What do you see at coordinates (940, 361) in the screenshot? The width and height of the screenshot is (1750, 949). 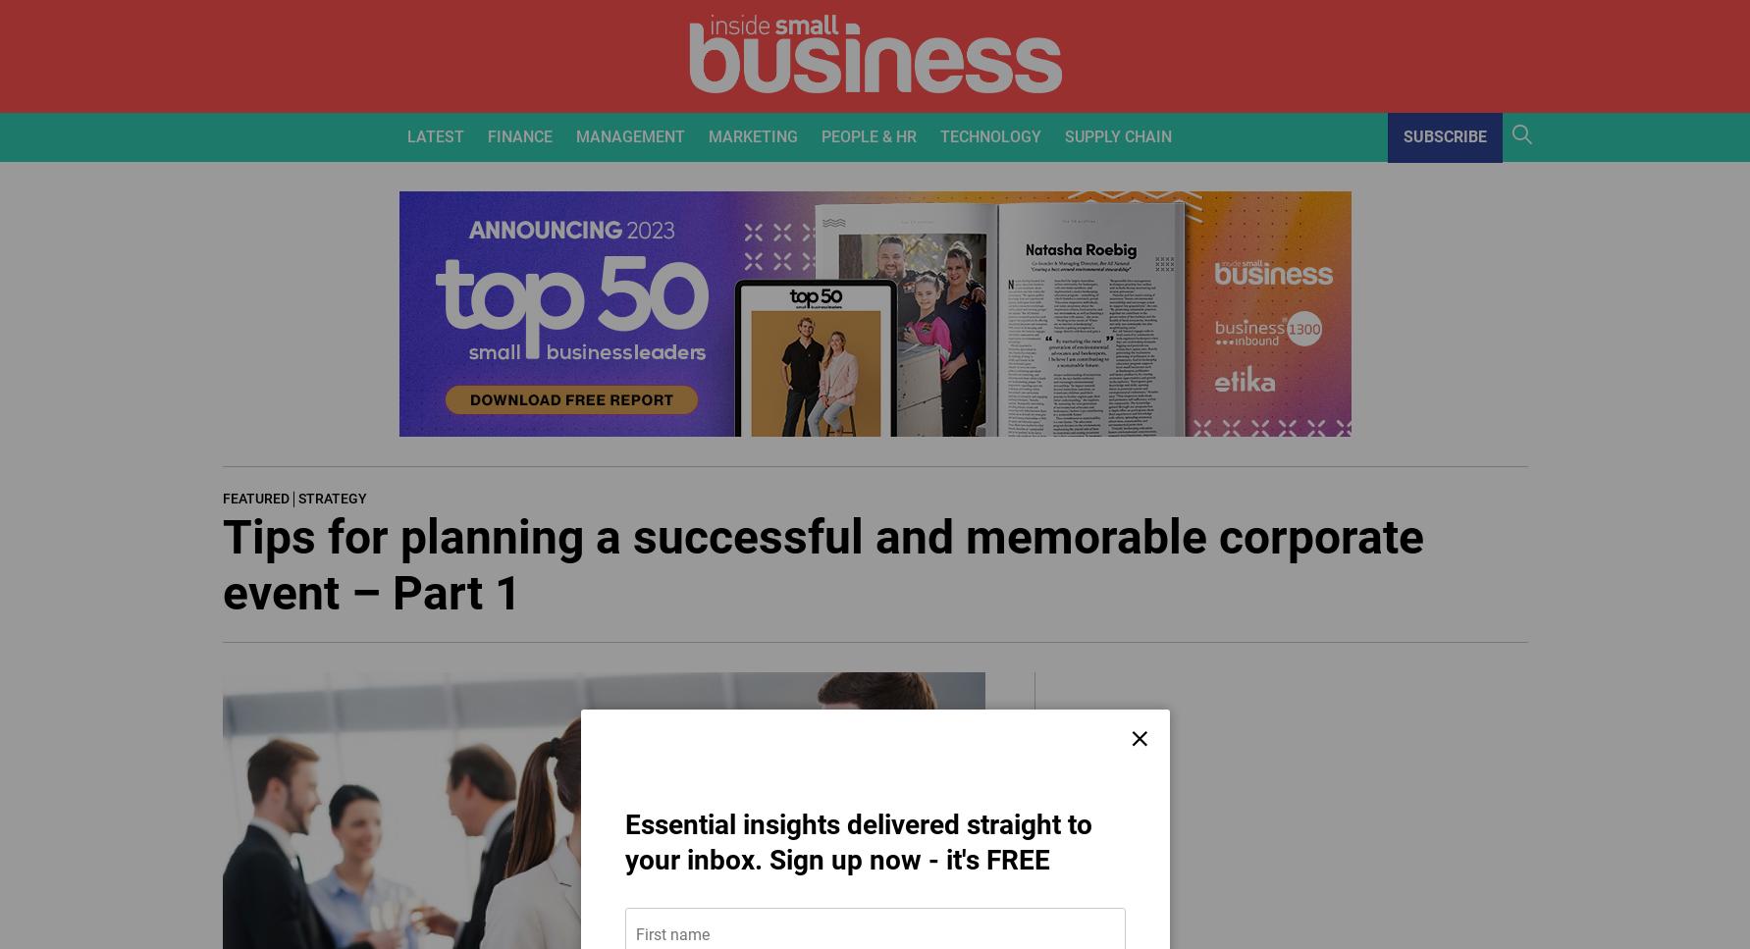 I see `'Systems & Software'` at bounding box center [940, 361].